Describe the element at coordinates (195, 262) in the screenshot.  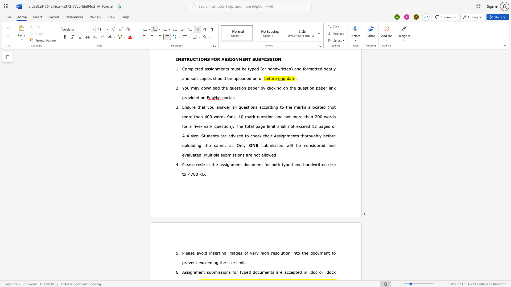
I see `the space between the continuous character "n" and "t" in the text` at that location.